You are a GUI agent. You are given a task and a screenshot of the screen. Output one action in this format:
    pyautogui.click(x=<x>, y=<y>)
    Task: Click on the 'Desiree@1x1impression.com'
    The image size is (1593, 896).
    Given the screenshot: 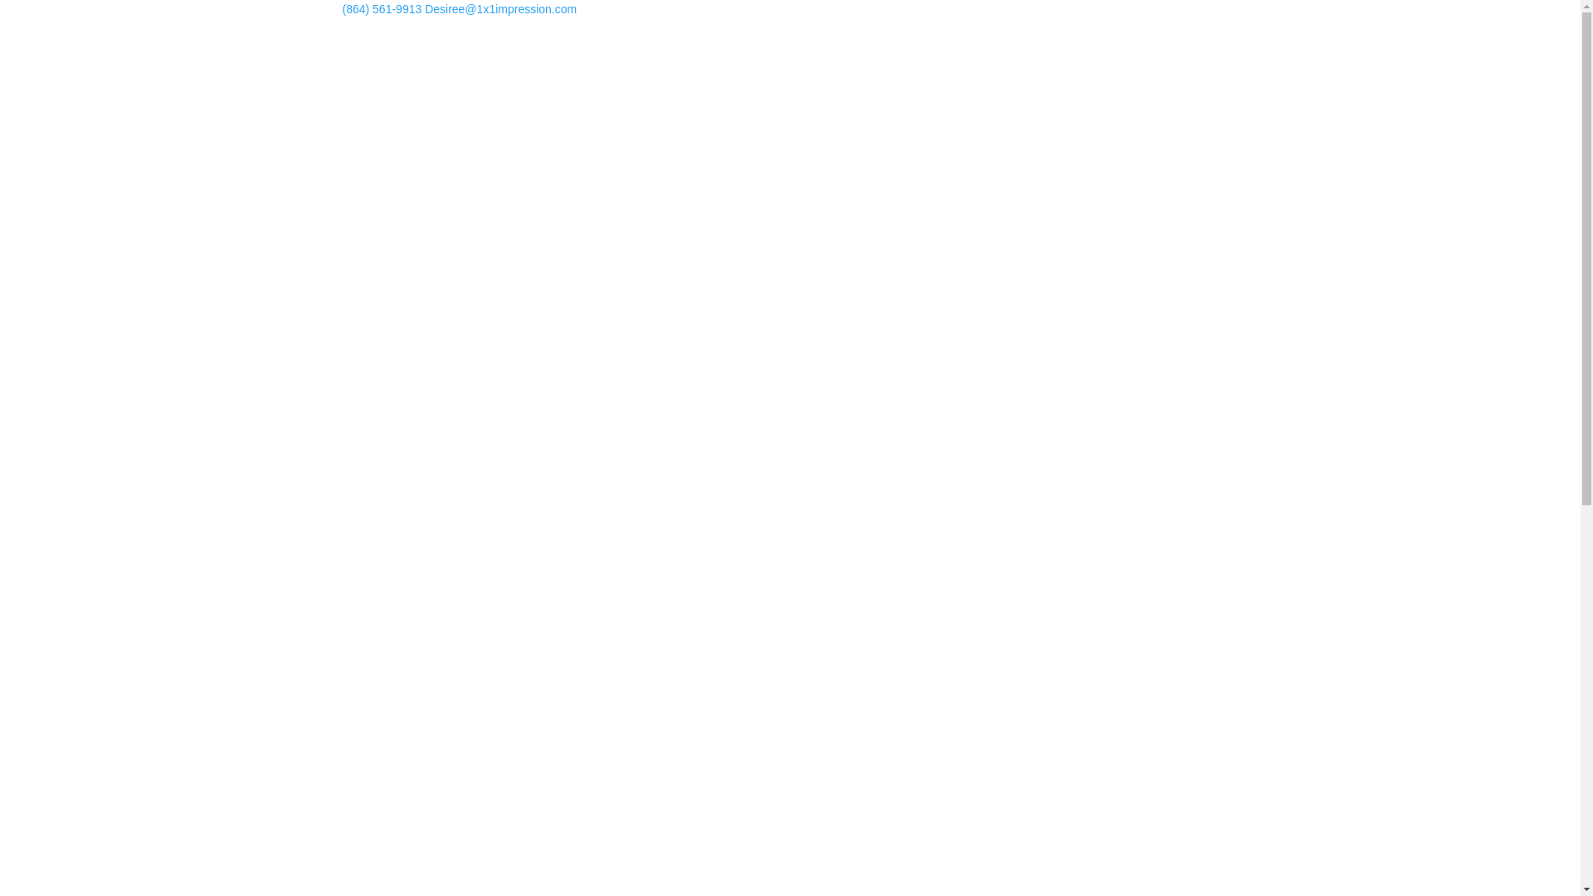 What is the action you would take?
    pyautogui.click(x=499, y=9)
    